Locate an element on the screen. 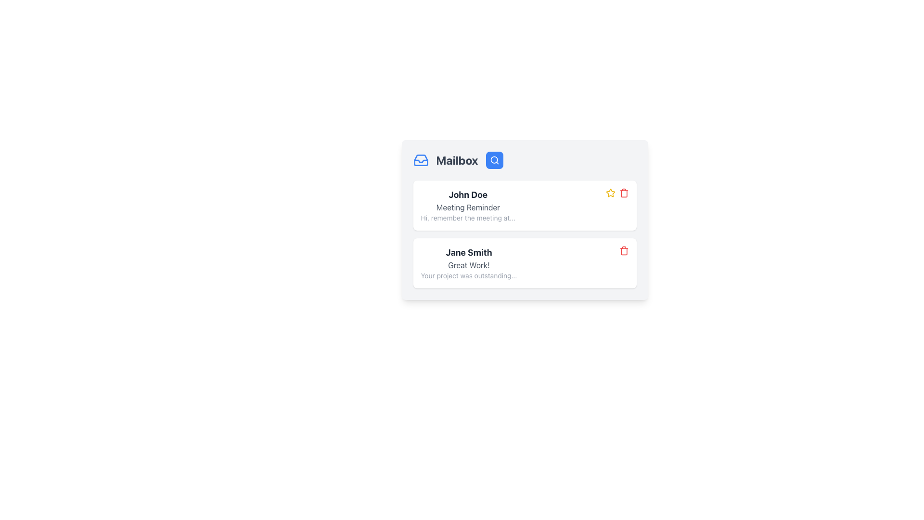 This screenshot has height=520, width=924. the static text element displaying 'Meeting Reminder', which is styled in gray and positioned below the title 'John Doe' and above the description 'Hi, remember the meeting at...' is located at coordinates (468, 207).